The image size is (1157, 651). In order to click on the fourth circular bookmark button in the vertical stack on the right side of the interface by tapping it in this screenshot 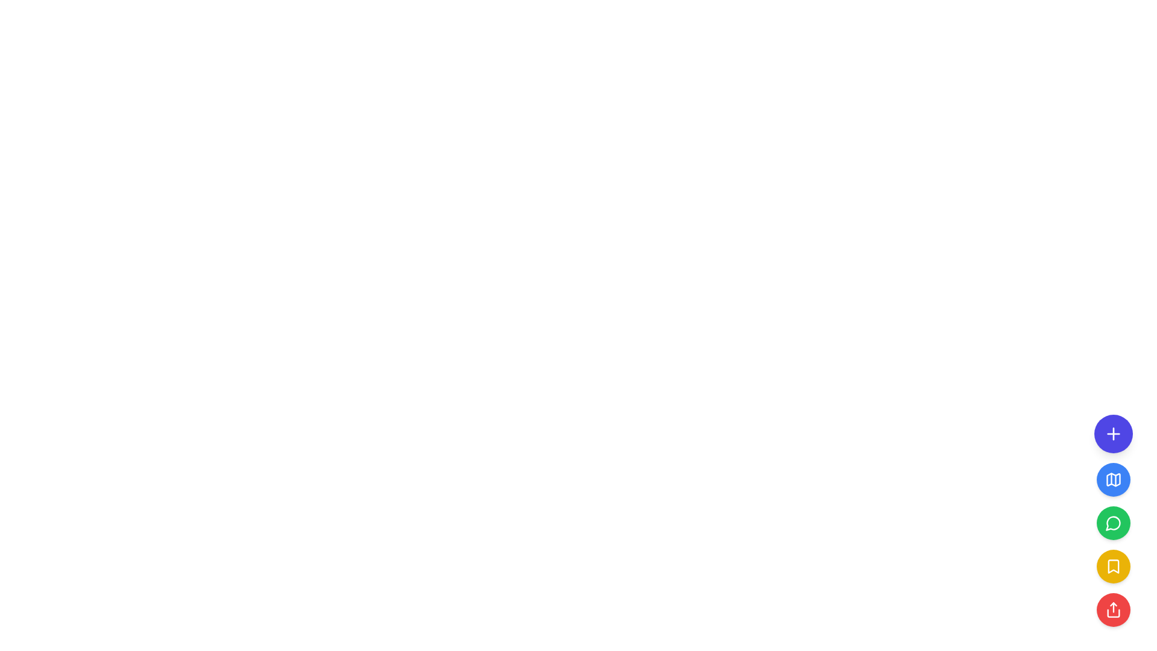, I will do `click(1113, 567)`.